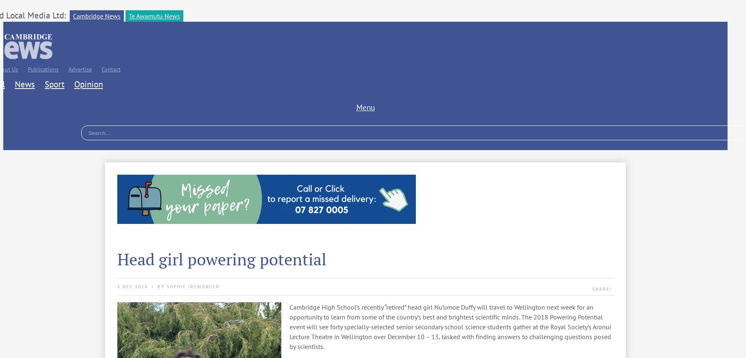  Describe the element at coordinates (365, 107) in the screenshot. I see `'Menu'` at that location.